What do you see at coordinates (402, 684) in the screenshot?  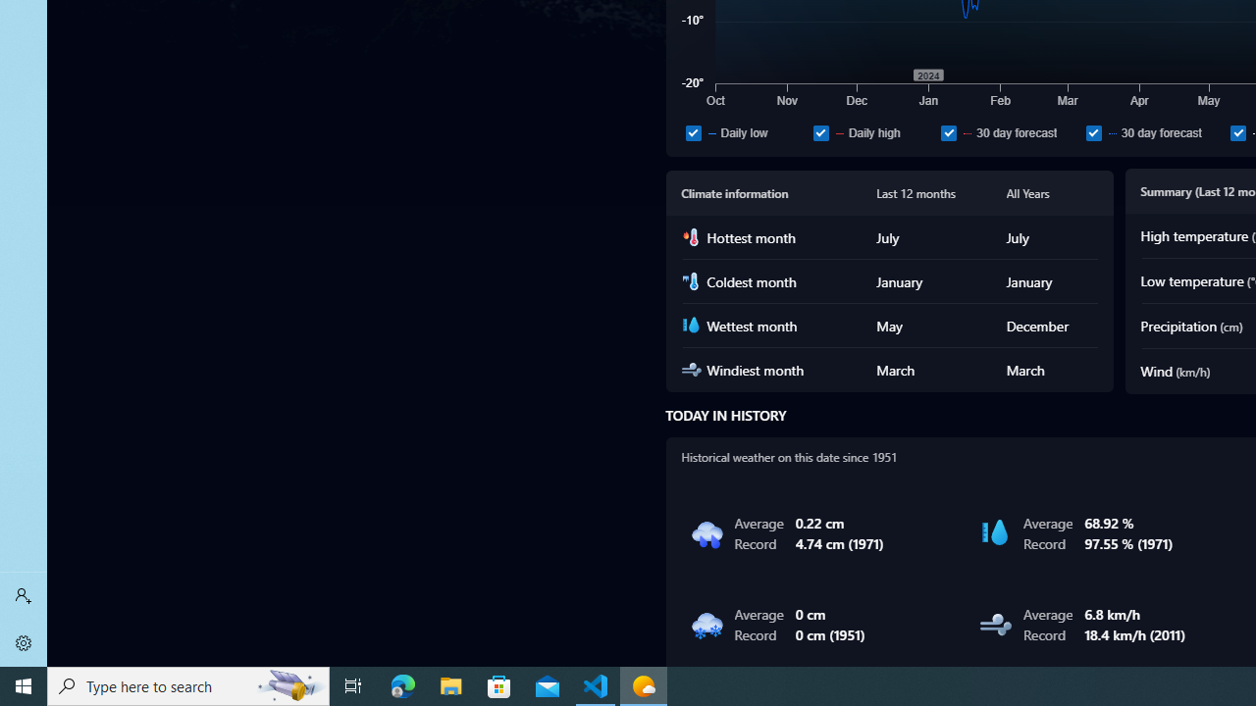 I see `'Microsoft Edge'` at bounding box center [402, 684].